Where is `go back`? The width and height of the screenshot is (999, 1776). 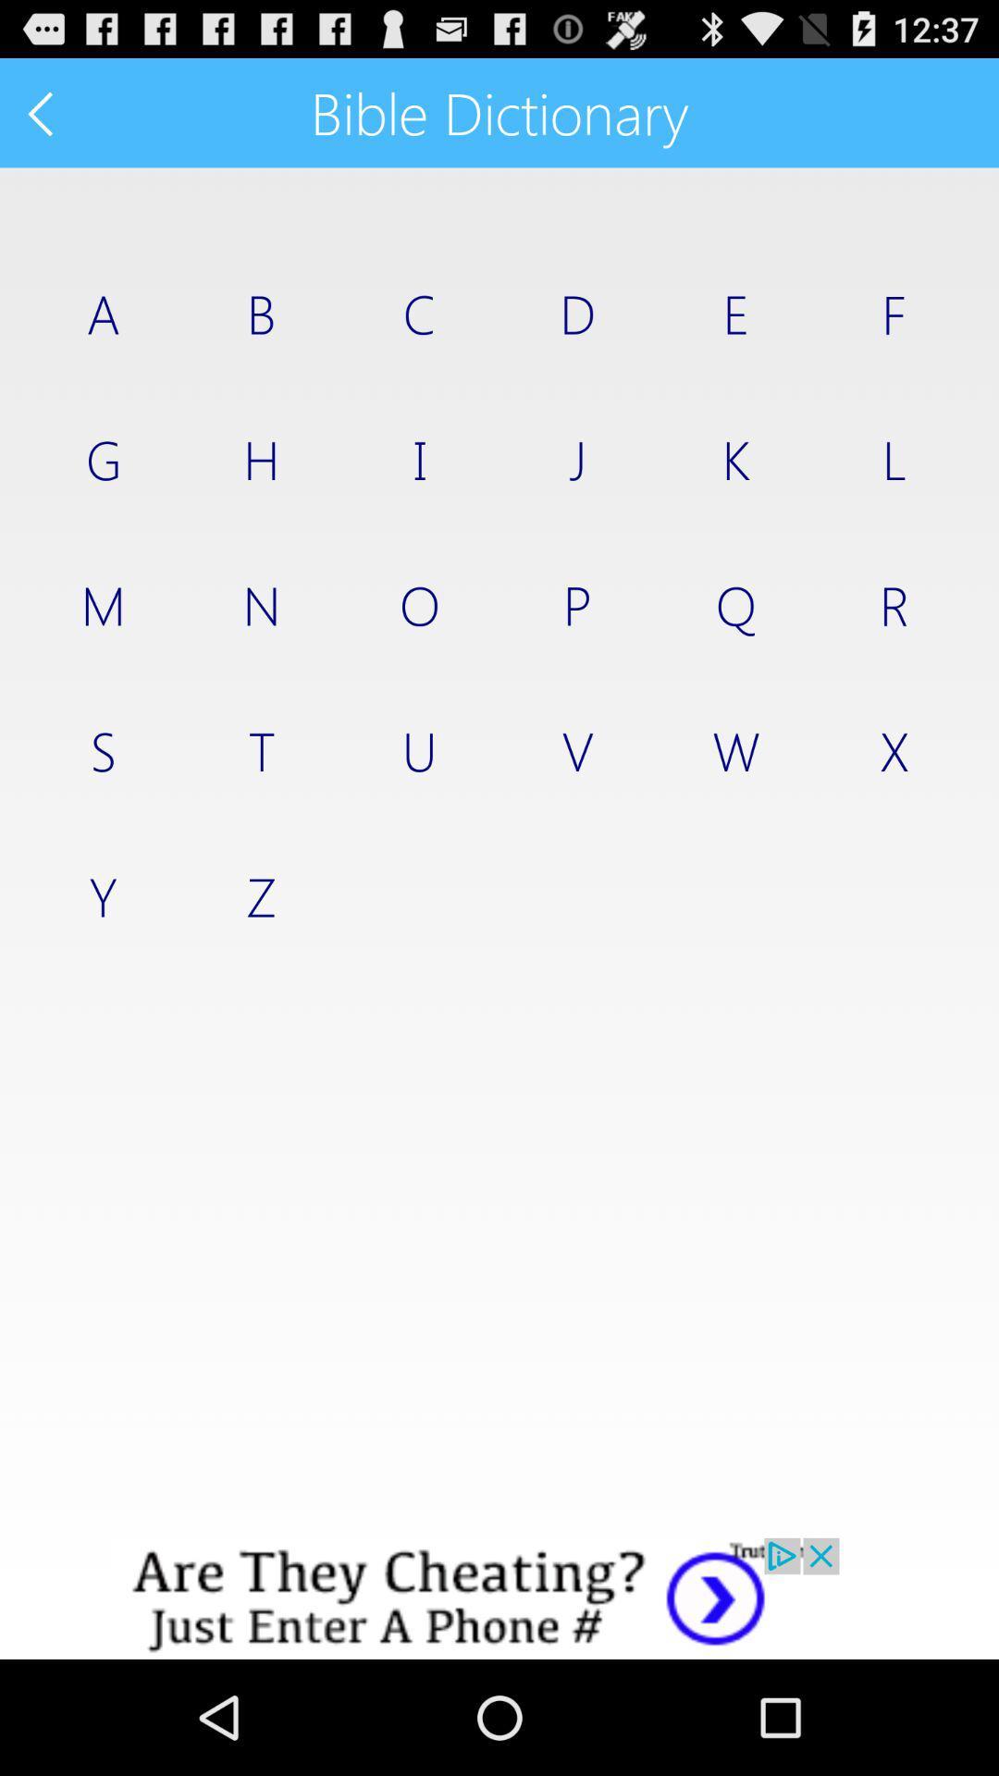 go back is located at coordinates (42, 112).